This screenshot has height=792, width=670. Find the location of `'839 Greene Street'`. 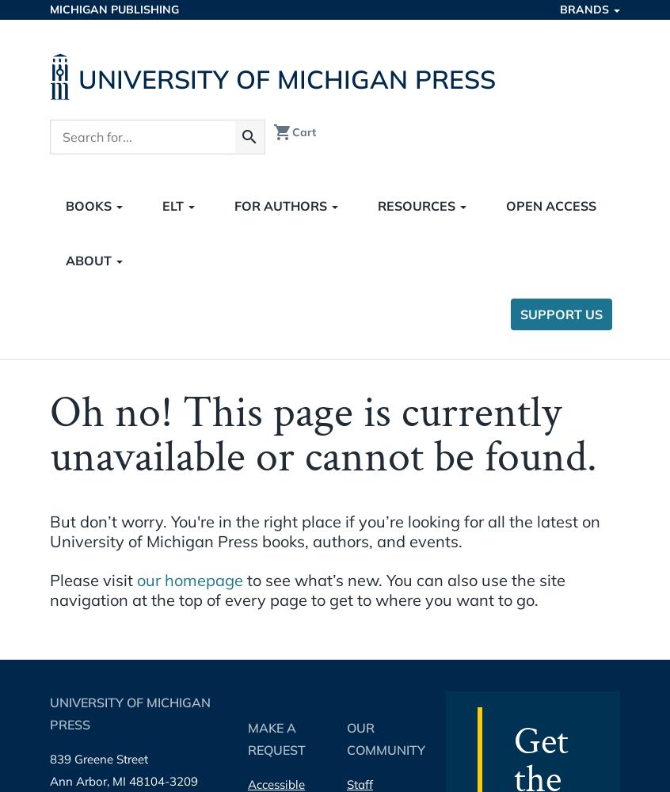

'839 Greene Street' is located at coordinates (49, 758).